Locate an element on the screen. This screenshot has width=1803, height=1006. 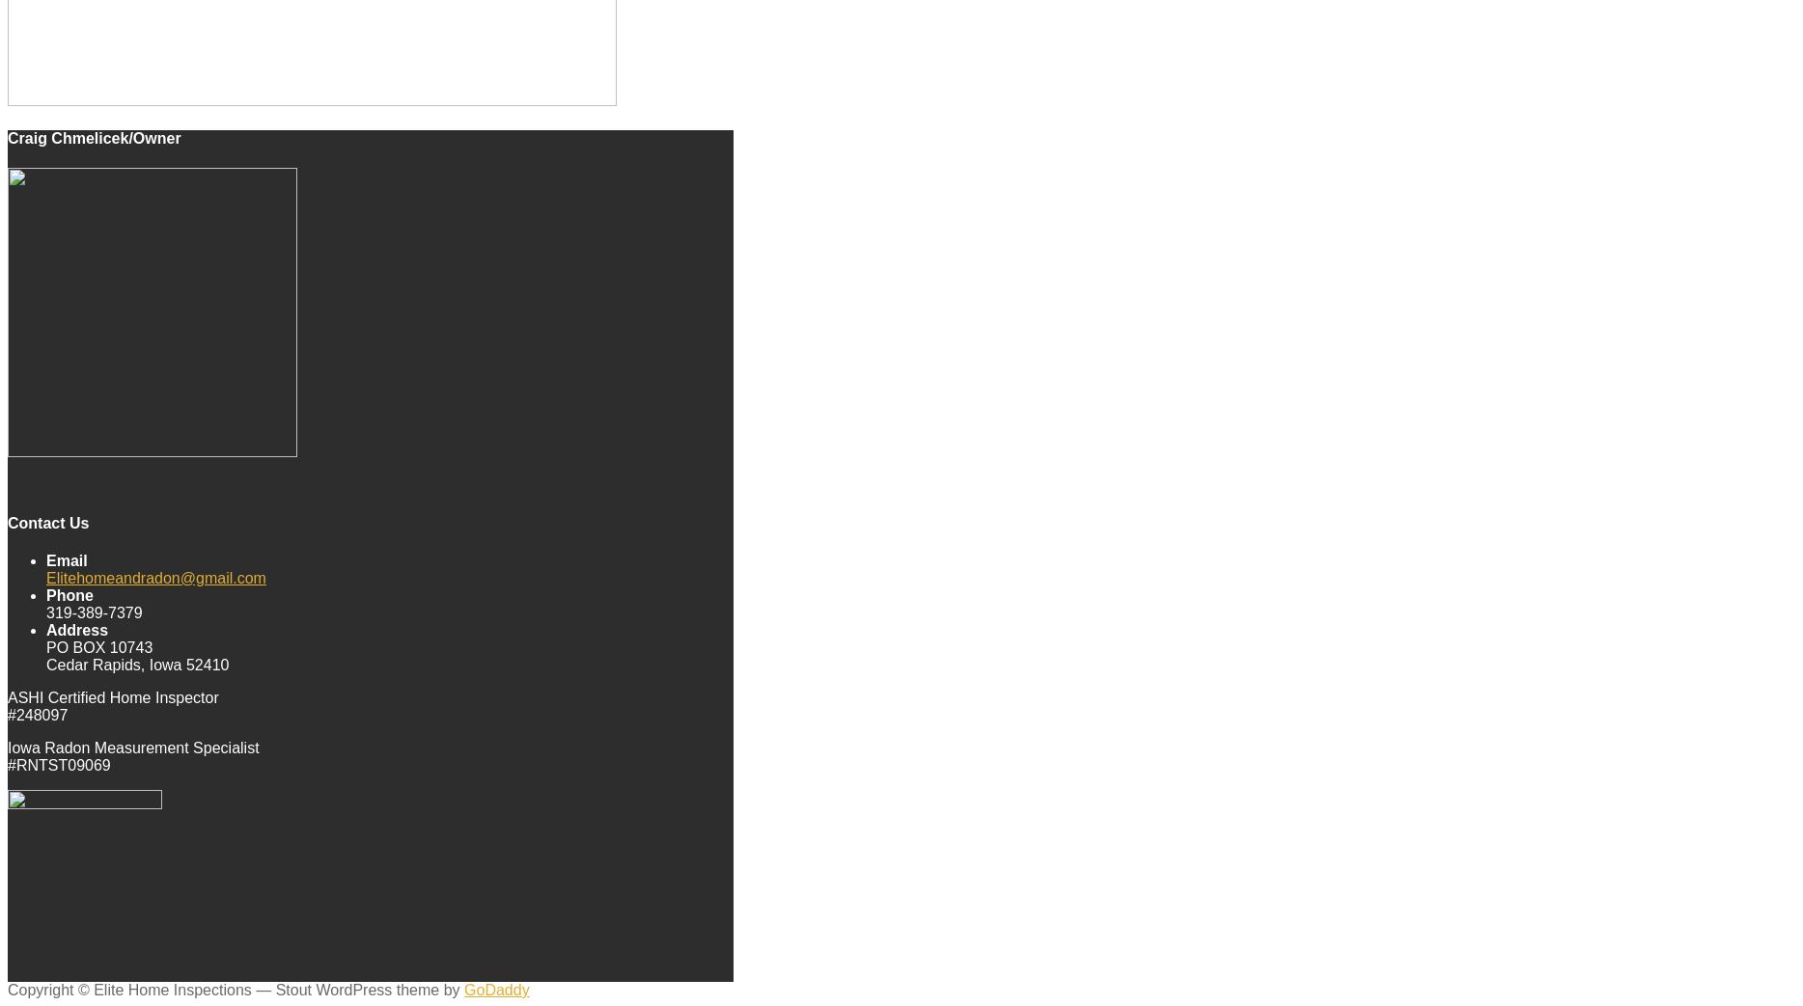
'PO BOX 10743' is located at coordinates (98, 645).